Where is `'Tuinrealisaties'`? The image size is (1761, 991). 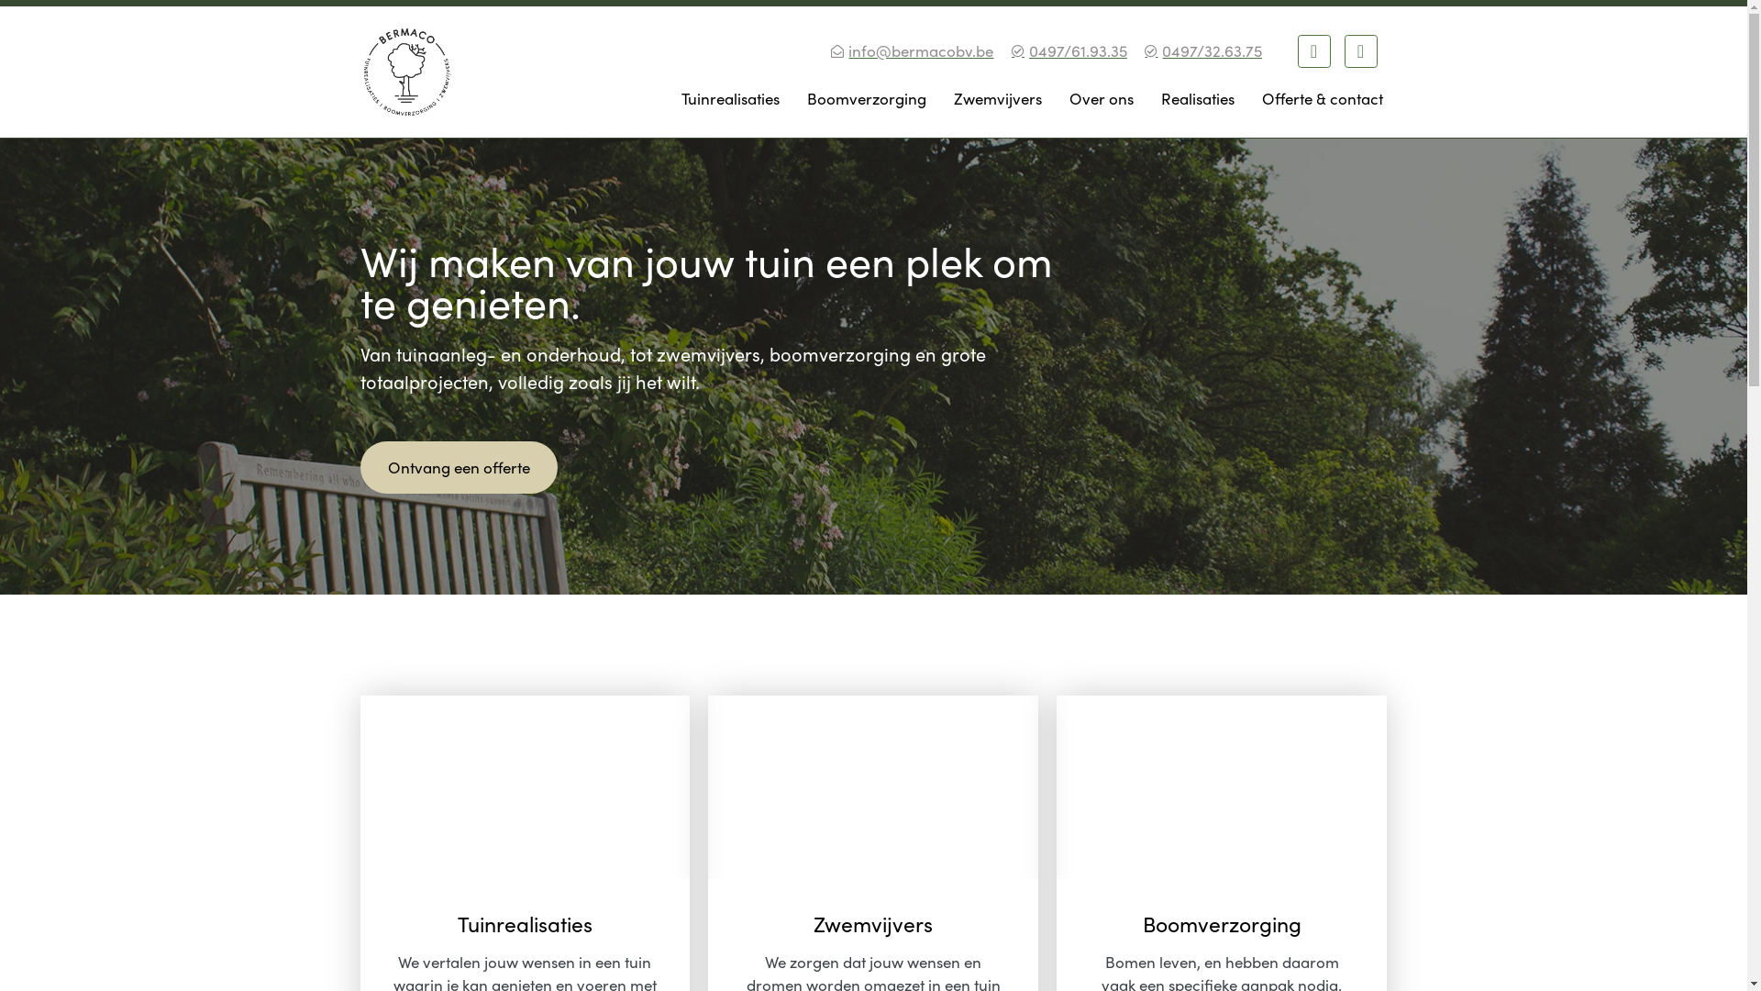
'Tuinrealisaties' is located at coordinates (729, 98).